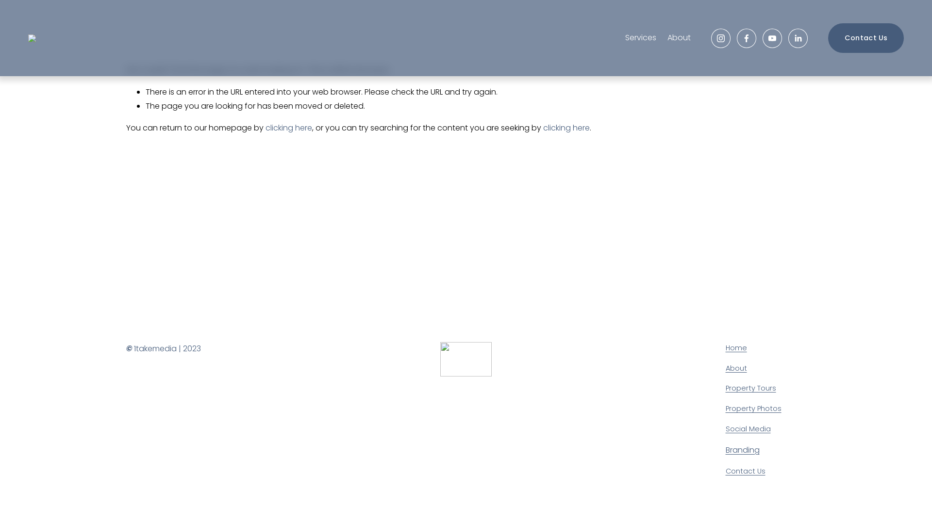  I want to click on 'Property Photos', so click(753, 409).